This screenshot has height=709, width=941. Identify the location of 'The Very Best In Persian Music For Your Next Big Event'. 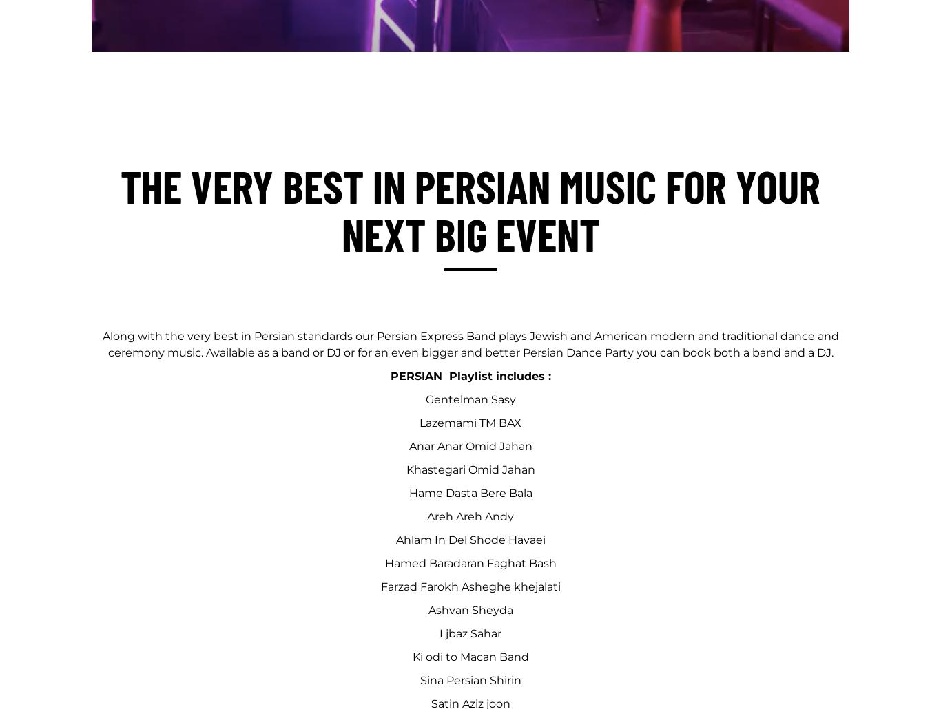
(470, 209).